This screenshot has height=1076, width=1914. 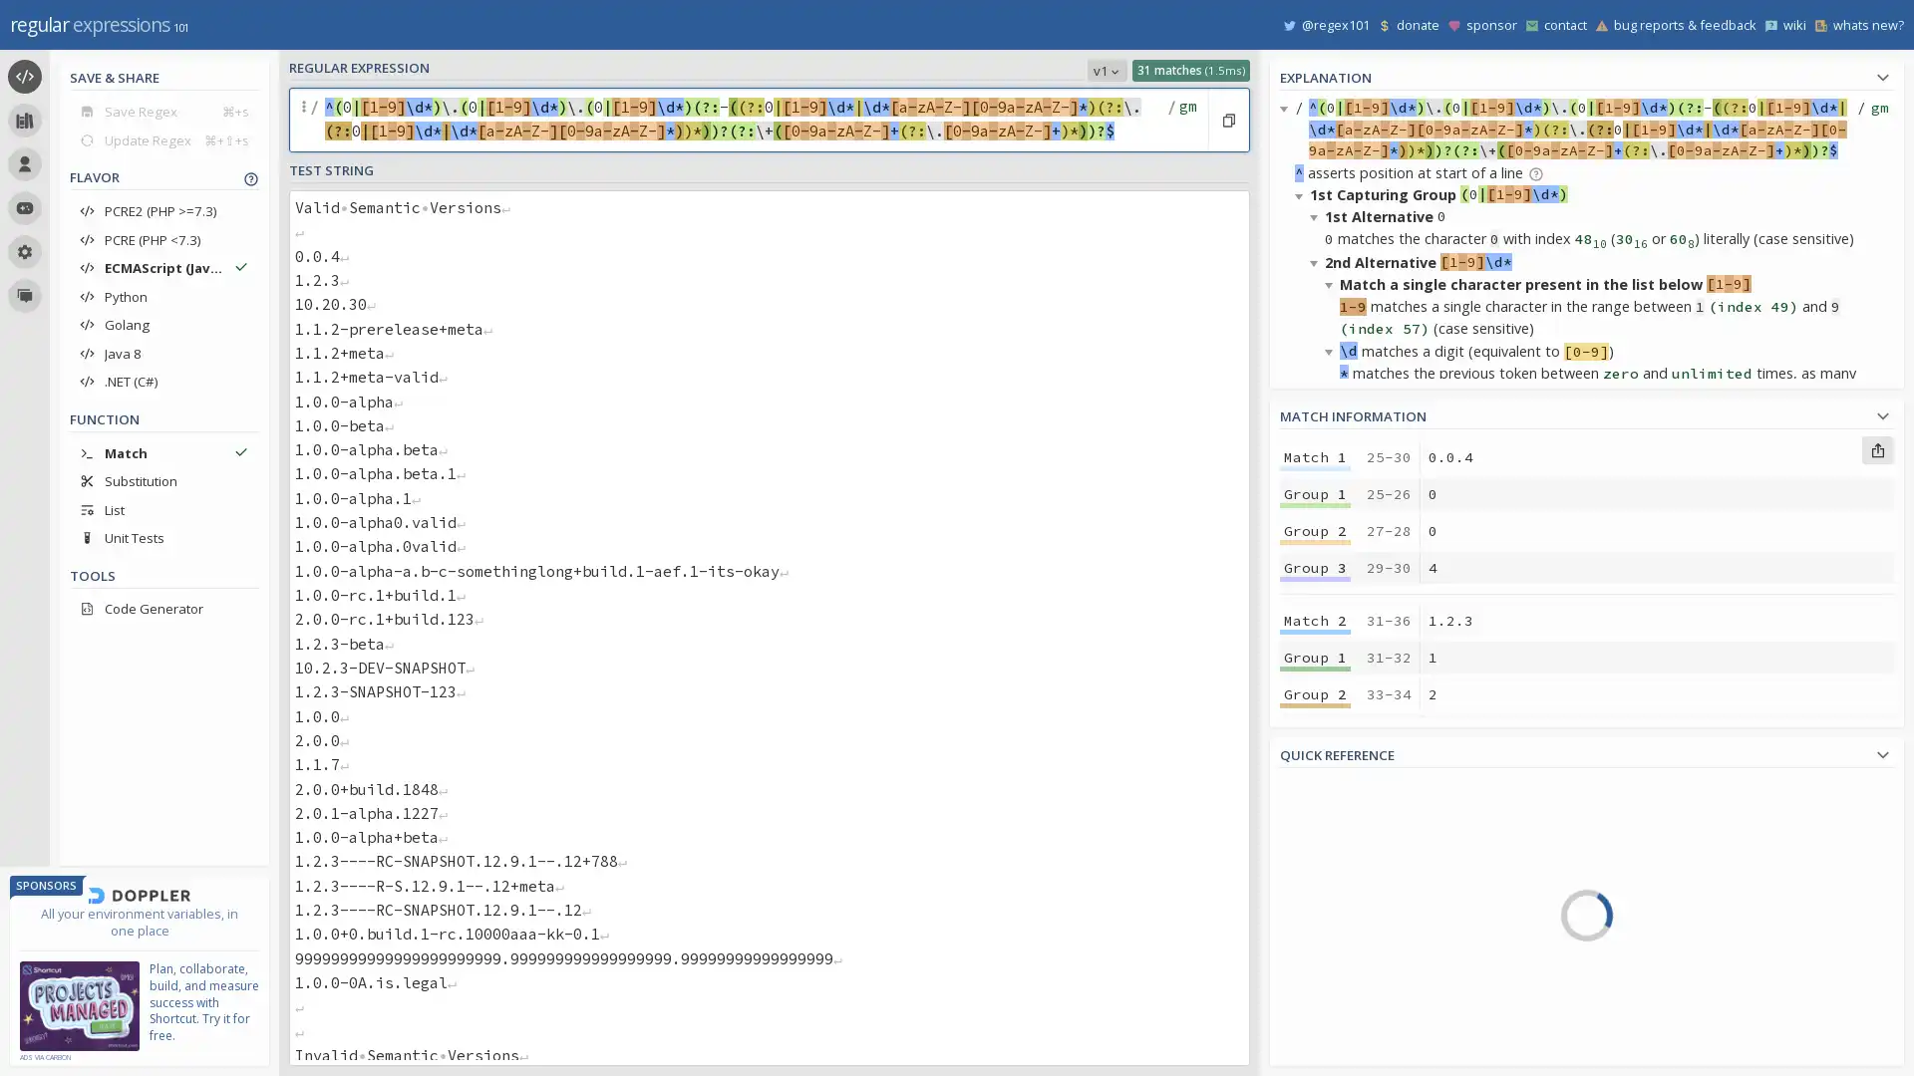 I want to click on Collapse Subtree, so click(x=1317, y=464).